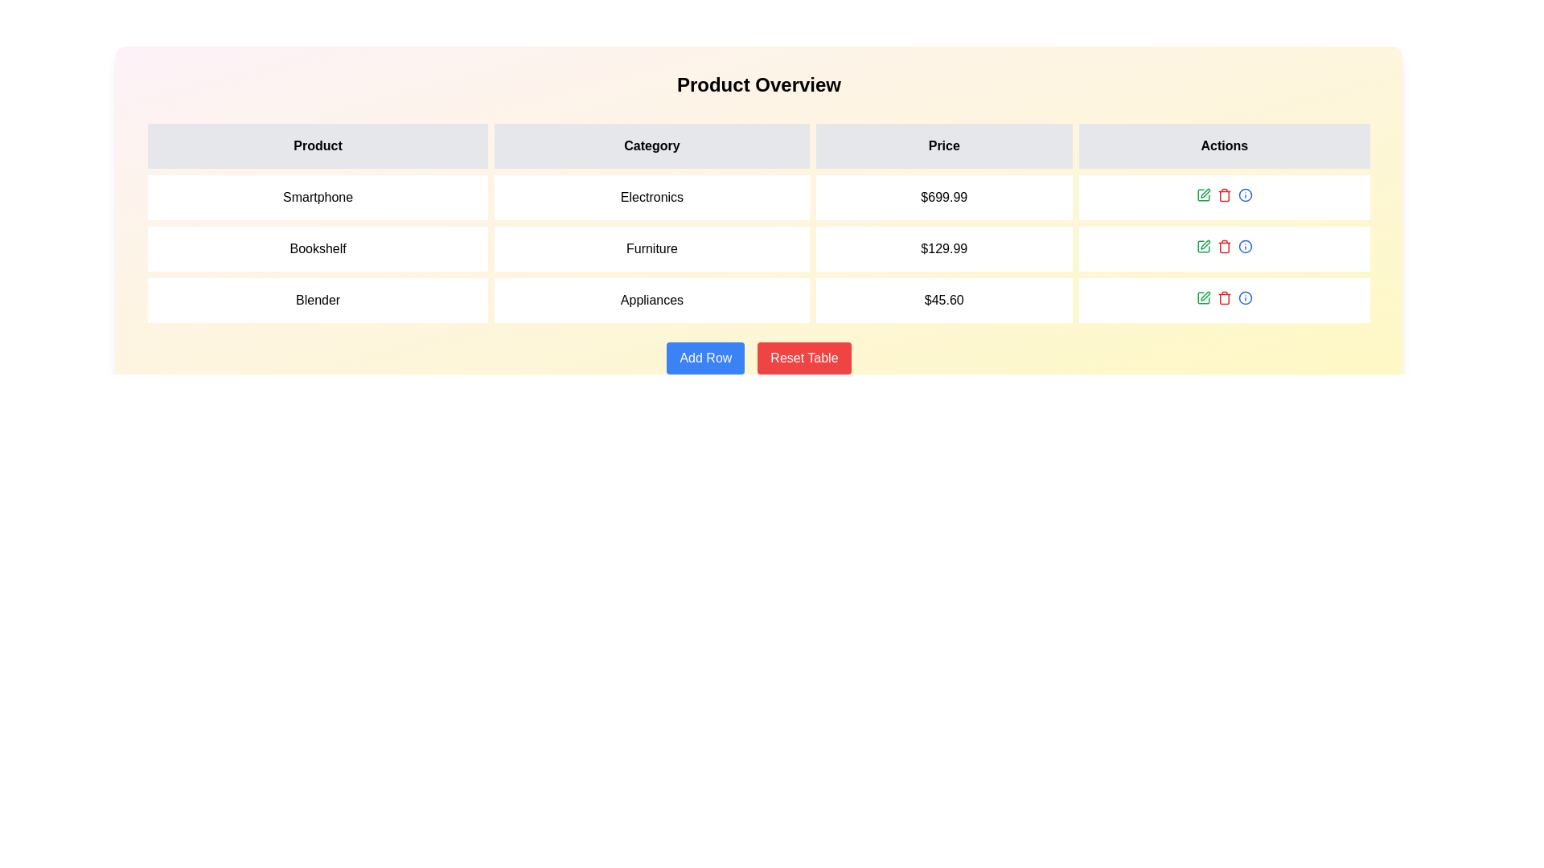  What do you see at coordinates (944, 197) in the screenshot?
I see `the static text element displaying the price '$699.99' in bold black font located in the 'Price' column of the 'Product Overview' table for the product 'Smartphone'` at bounding box center [944, 197].